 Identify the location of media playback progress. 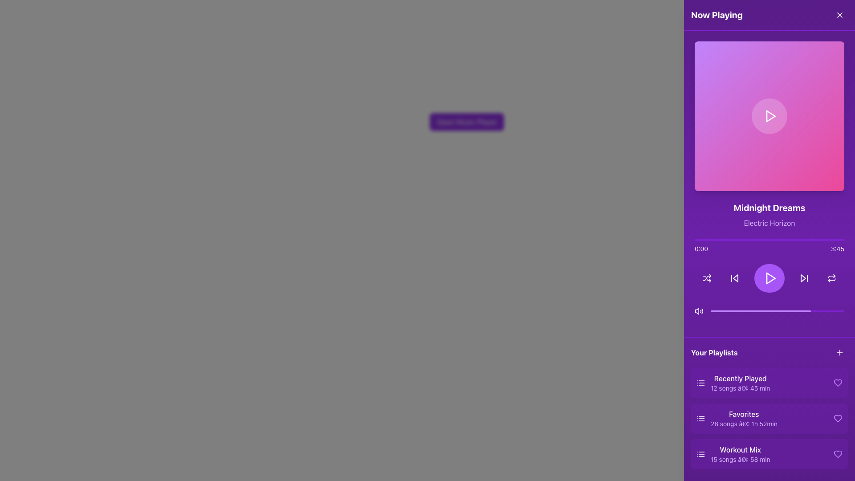
(736, 310).